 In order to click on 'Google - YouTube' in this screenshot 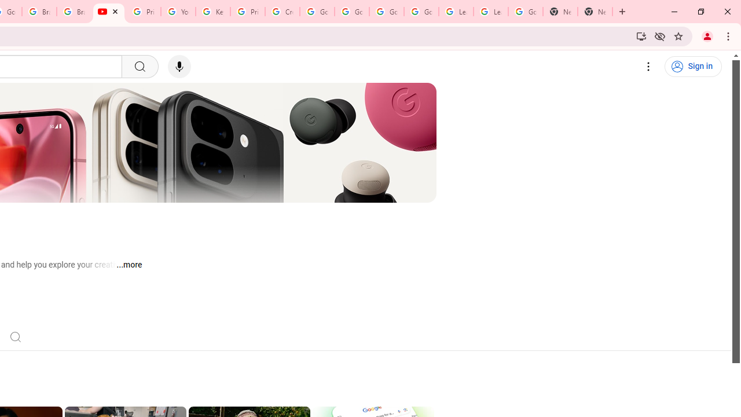, I will do `click(108, 12)`.